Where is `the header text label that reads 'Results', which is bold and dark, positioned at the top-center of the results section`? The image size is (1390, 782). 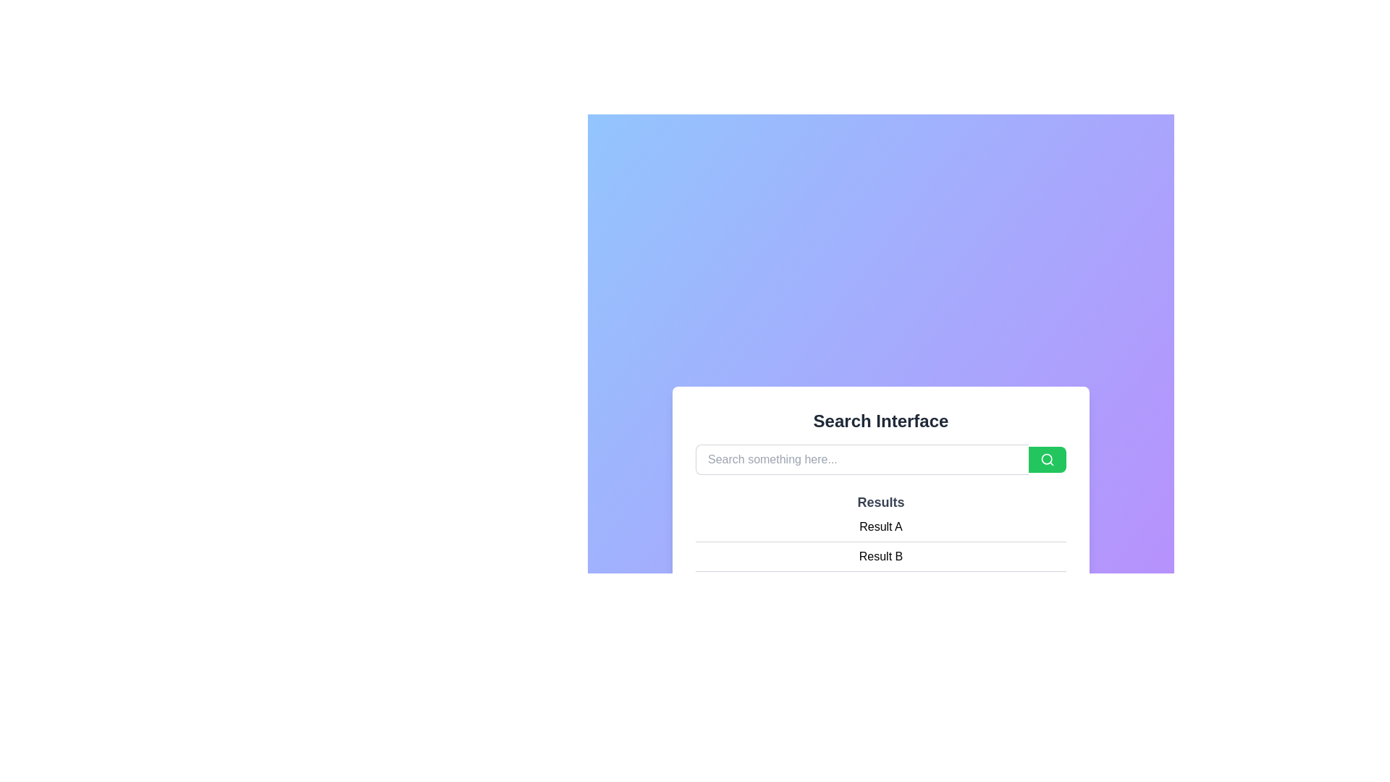
the header text label that reads 'Results', which is bold and dark, positioned at the top-center of the results section is located at coordinates (880, 502).